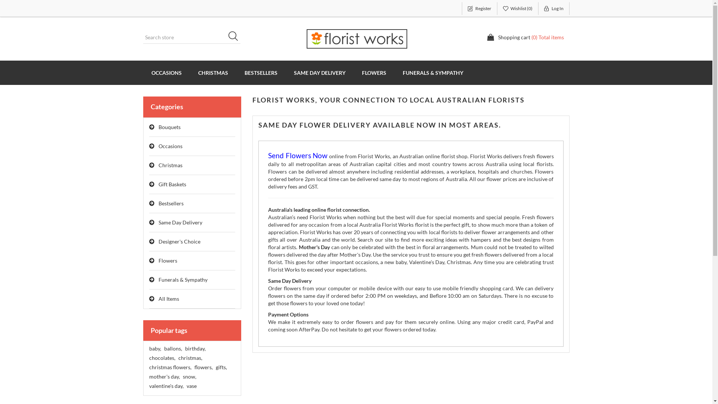 This screenshot has height=404, width=718. What do you see at coordinates (554, 9) in the screenshot?
I see `'Log In'` at bounding box center [554, 9].